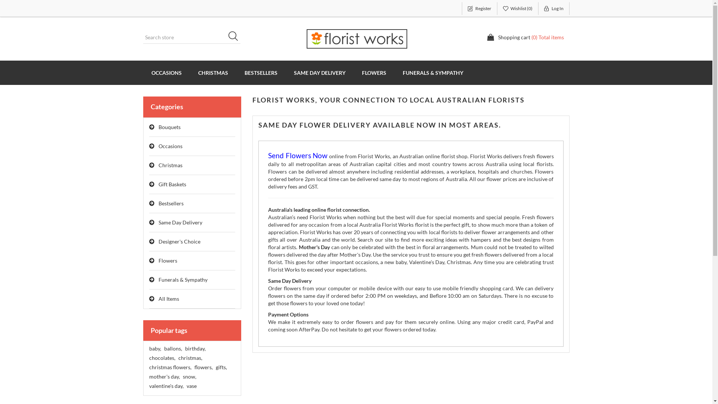 This screenshot has height=404, width=718. What do you see at coordinates (554, 9) in the screenshot?
I see `'Log In'` at bounding box center [554, 9].